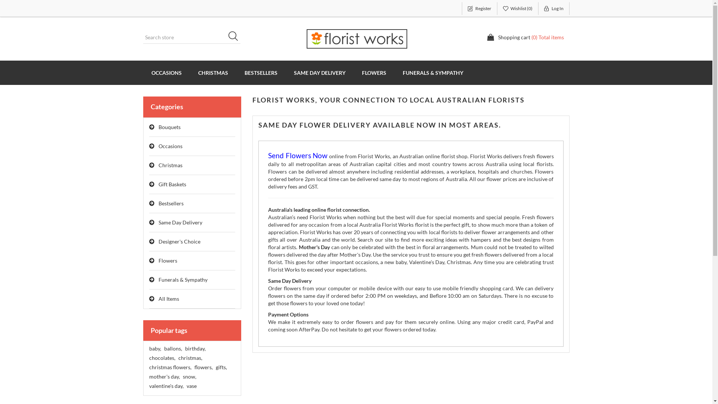 This screenshot has height=404, width=718. What do you see at coordinates (554, 9) in the screenshot?
I see `'Log In'` at bounding box center [554, 9].